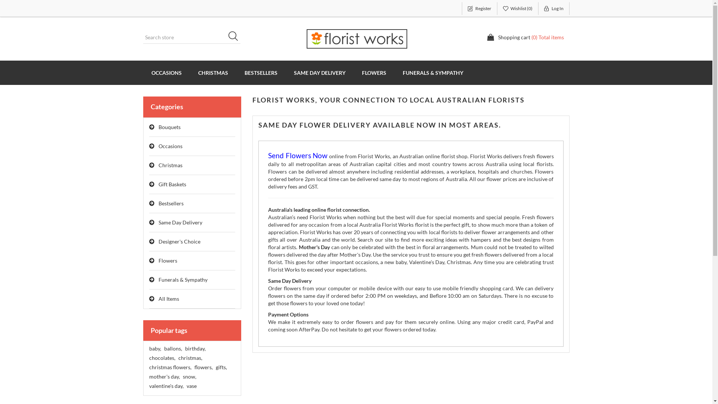 This screenshot has height=404, width=718. What do you see at coordinates (554, 9) in the screenshot?
I see `'Log In'` at bounding box center [554, 9].